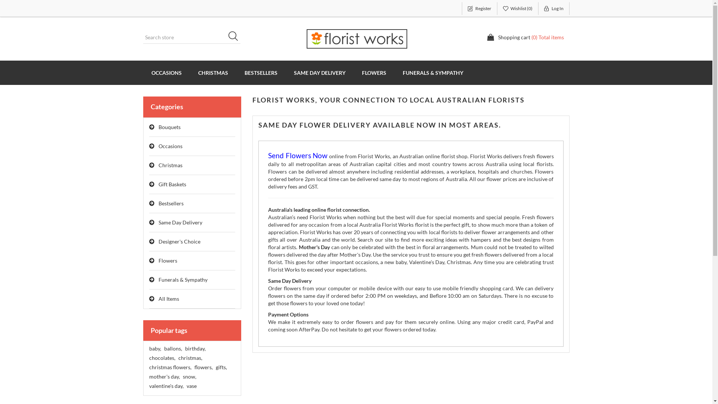 This screenshot has height=404, width=718. What do you see at coordinates (554, 9) in the screenshot?
I see `'Log In'` at bounding box center [554, 9].